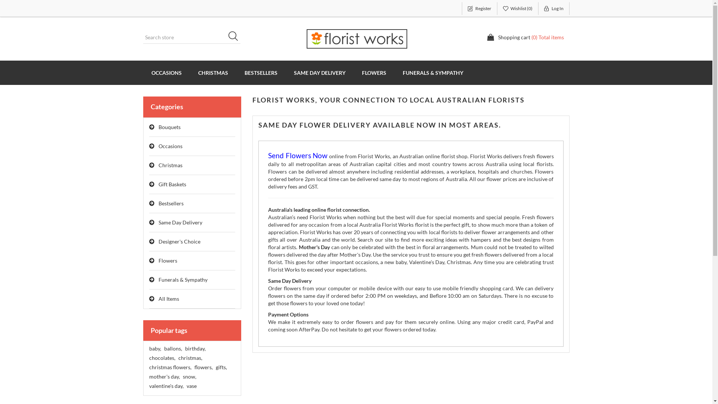 This screenshot has height=404, width=718. What do you see at coordinates (554, 9) in the screenshot?
I see `'Log In'` at bounding box center [554, 9].